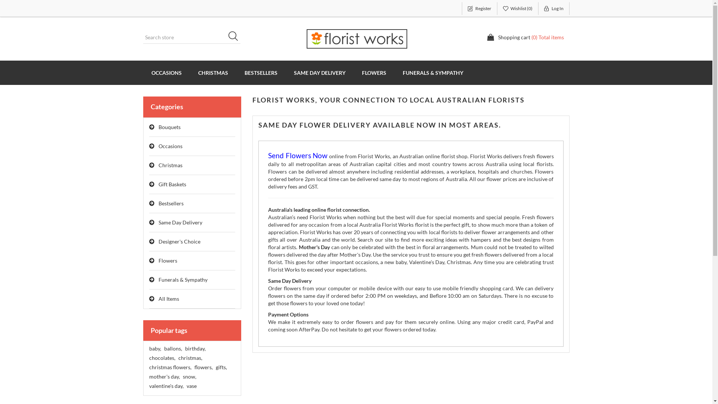 This screenshot has height=404, width=718. What do you see at coordinates (554, 9) in the screenshot?
I see `'Log In'` at bounding box center [554, 9].